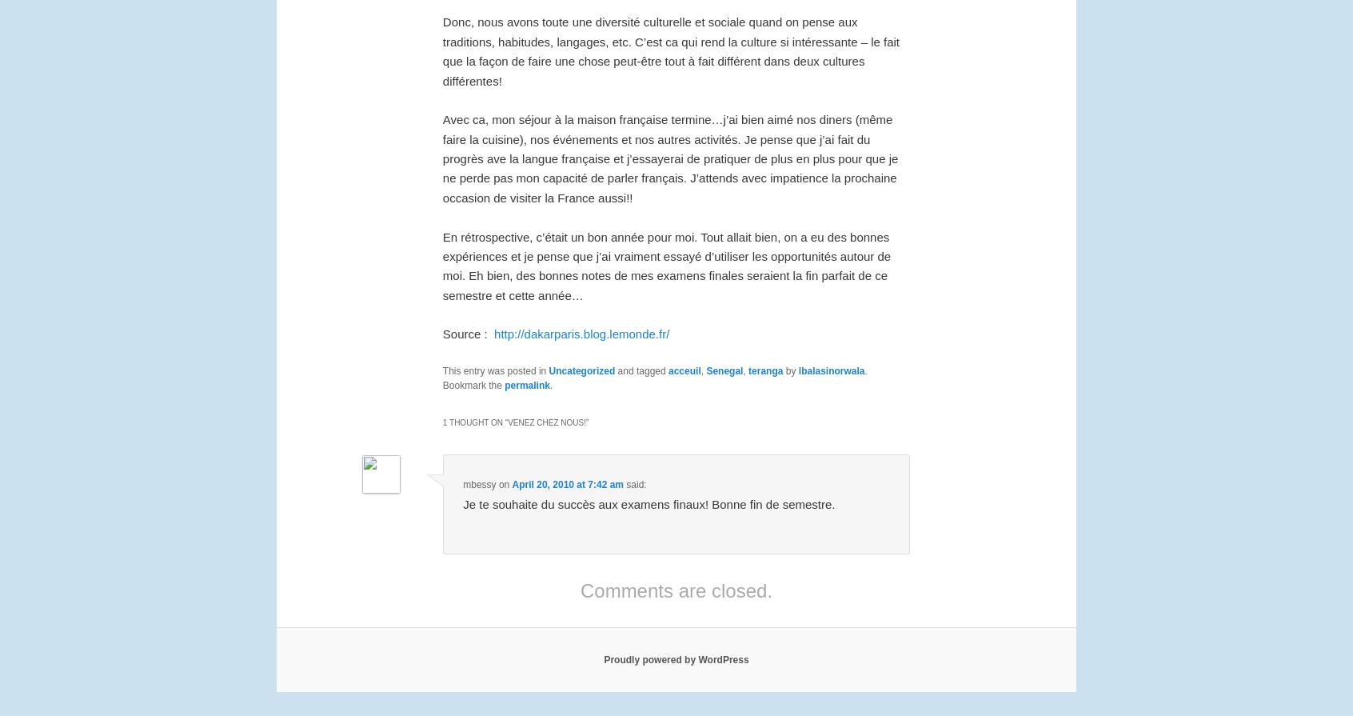 The width and height of the screenshot is (1353, 716). Describe the element at coordinates (676, 658) in the screenshot. I see `'Proudly powered by WordPress'` at that location.